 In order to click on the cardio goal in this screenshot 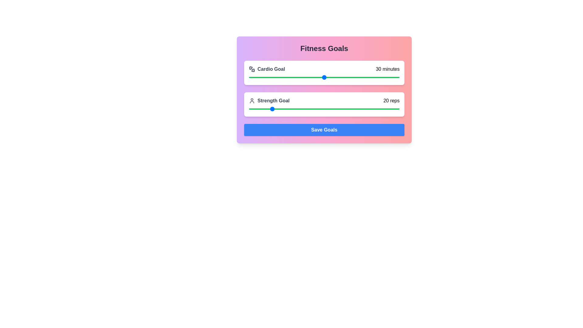, I will do `click(379, 77)`.